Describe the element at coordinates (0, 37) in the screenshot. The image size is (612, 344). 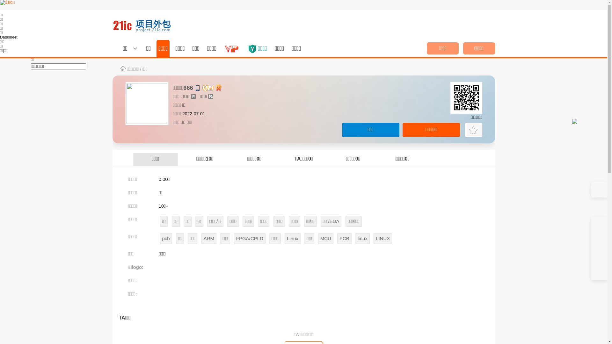
I see `'Datasheet'` at that location.